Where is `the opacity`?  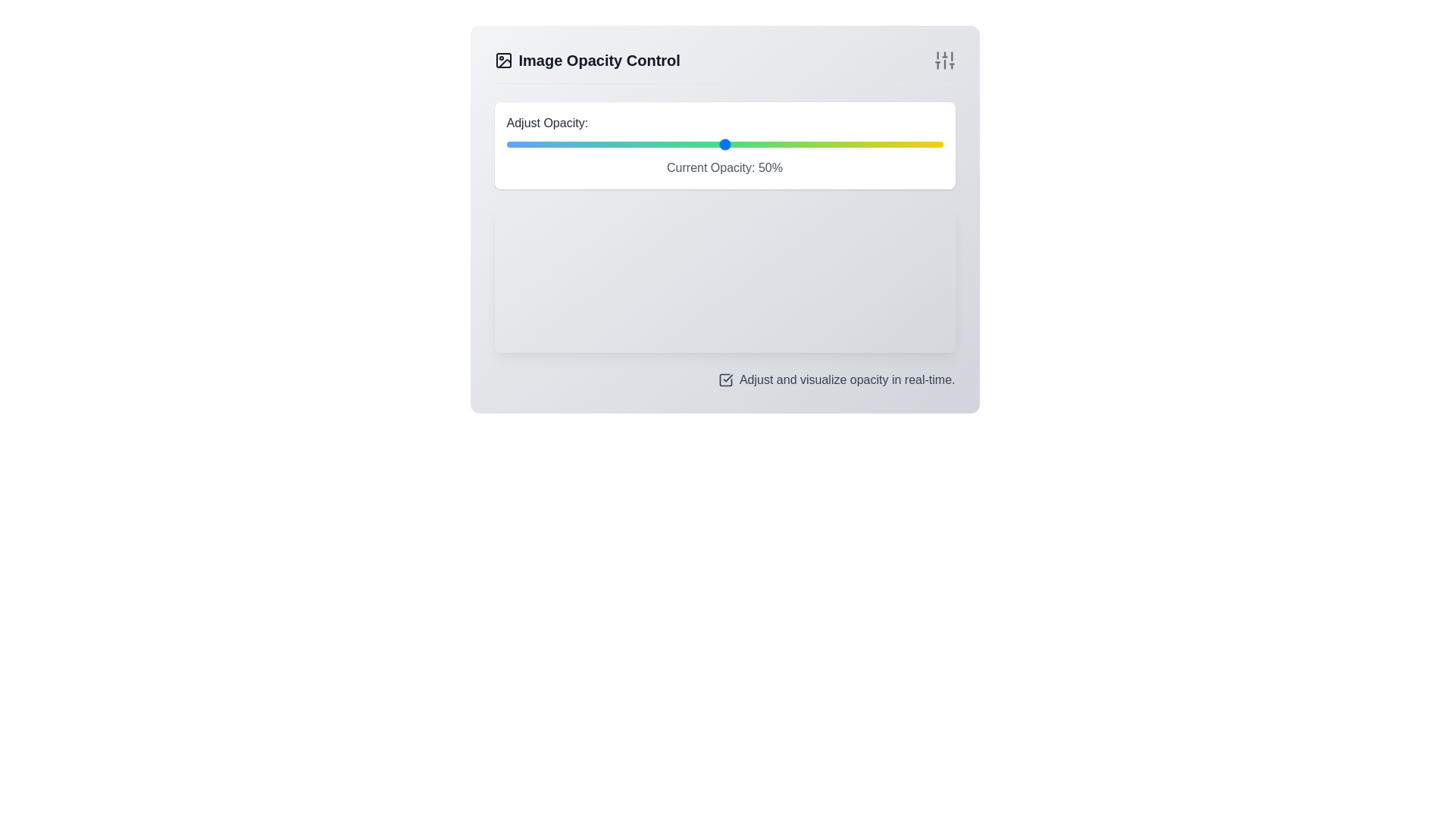 the opacity is located at coordinates (524, 145).